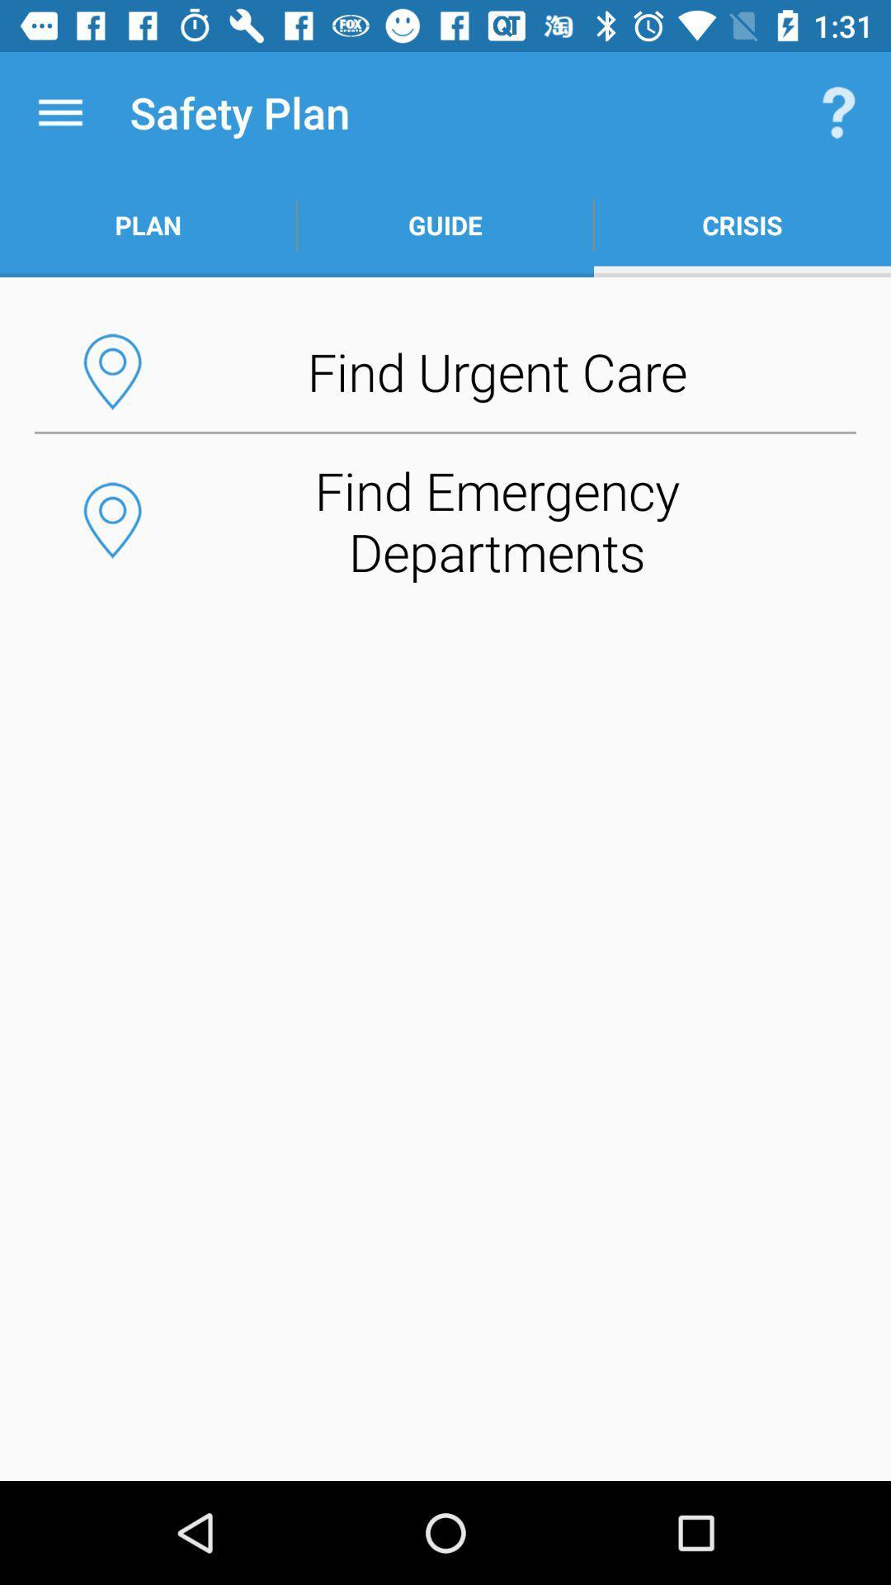 Image resolution: width=891 pixels, height=1585 pixels. Describe the element at coordinates (59, 111) in the screenshot. I see `the app next to safety plan icon` at that location.